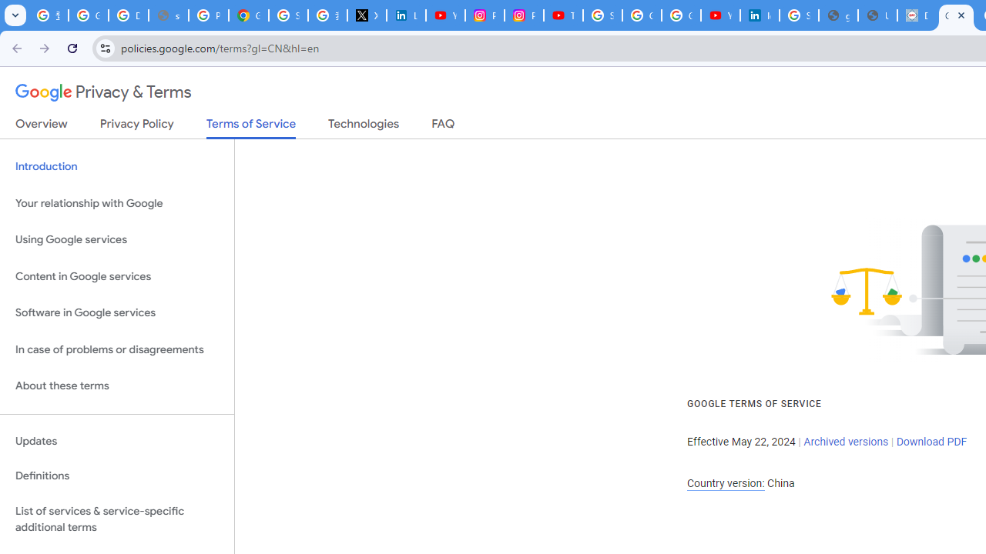 The width and height of the screenshot is (986, 554). I want to click on 'Download PDF', so click(931, 442).